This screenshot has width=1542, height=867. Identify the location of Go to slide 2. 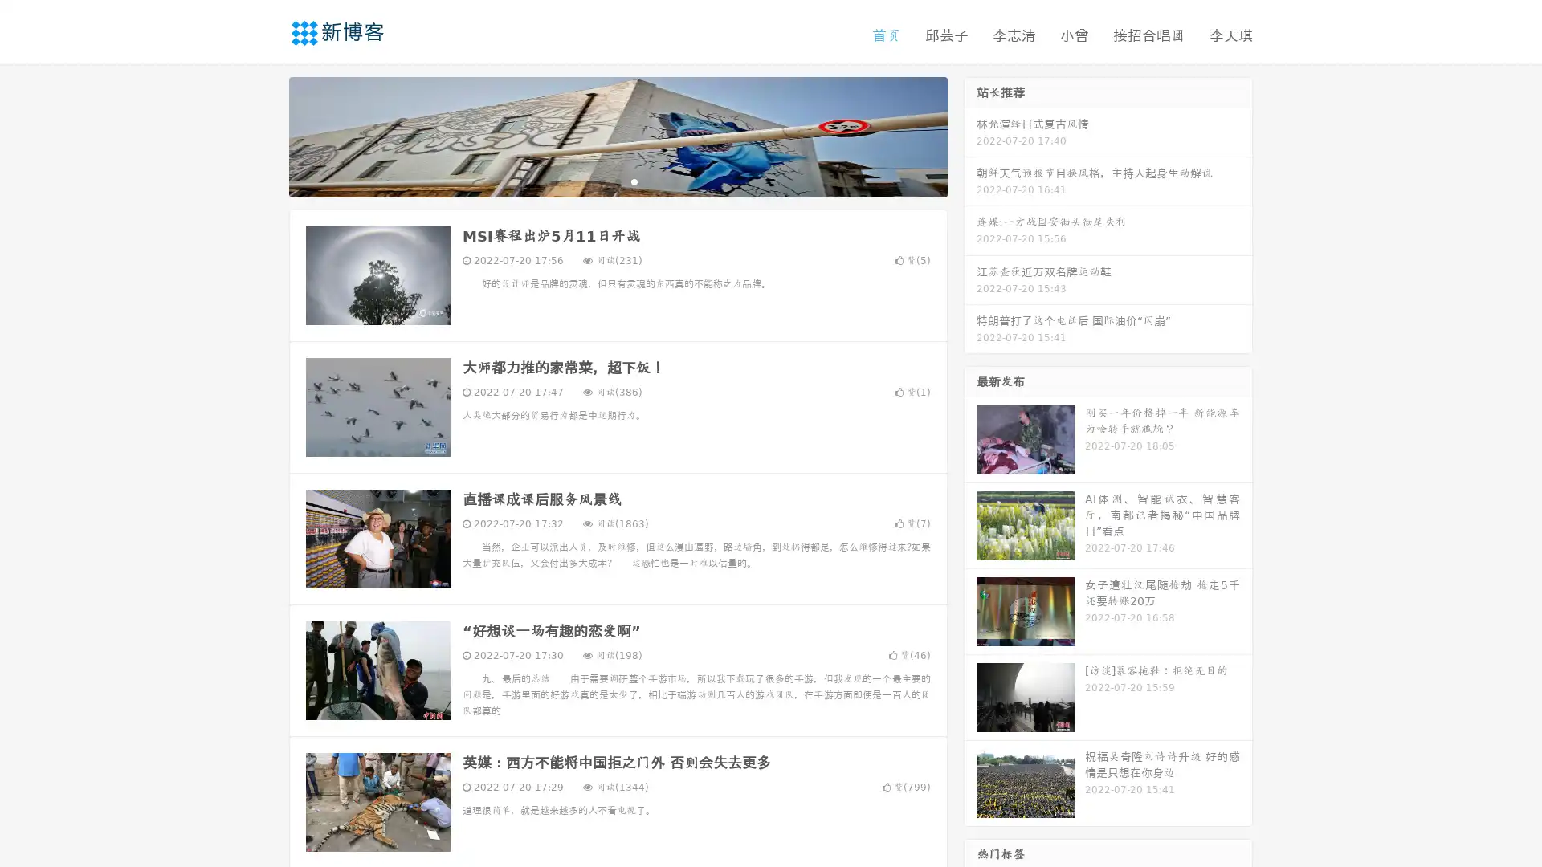
(617, 181).